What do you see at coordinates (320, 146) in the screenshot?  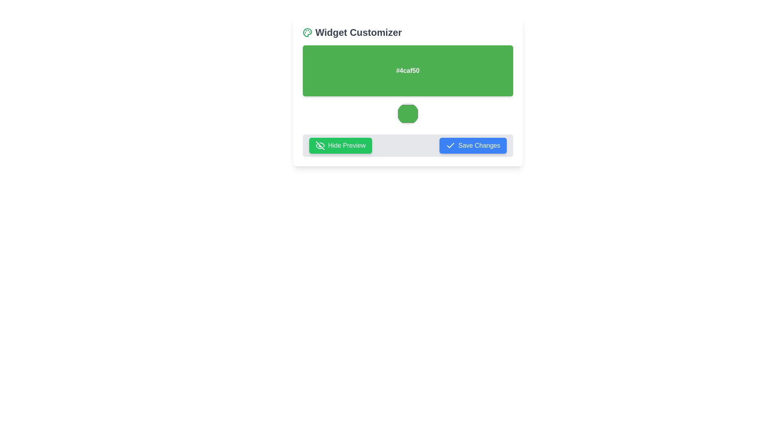 I see `the 'Hide Preview' button` at bounding box center [320, 146].